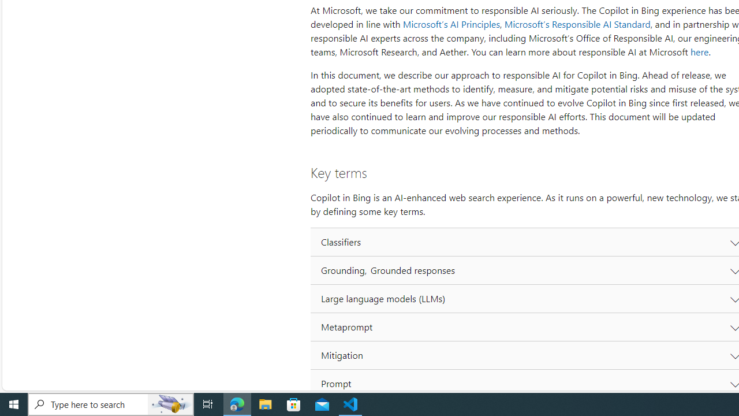  I want to click on 'here', so click(699, 52).